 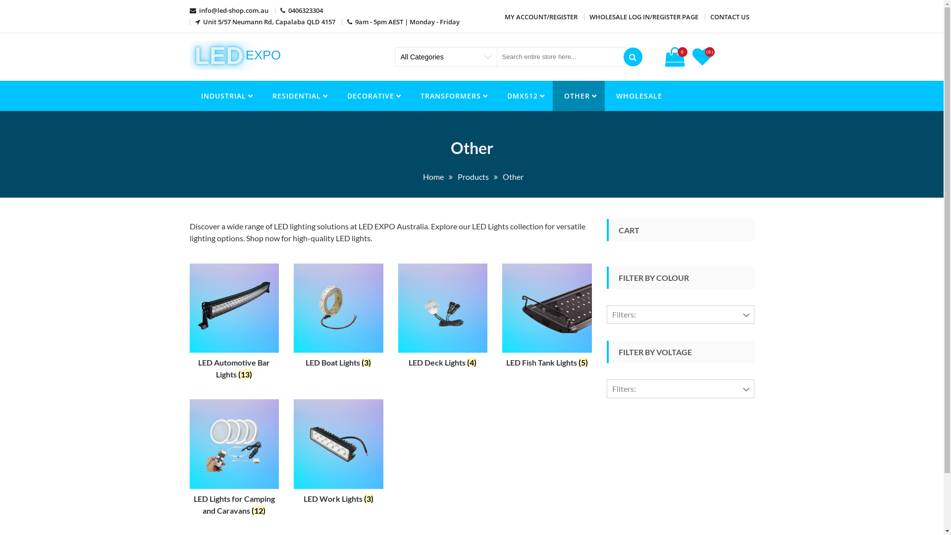 I want to click on 'Yellow 1', so click(x=635, y=482).